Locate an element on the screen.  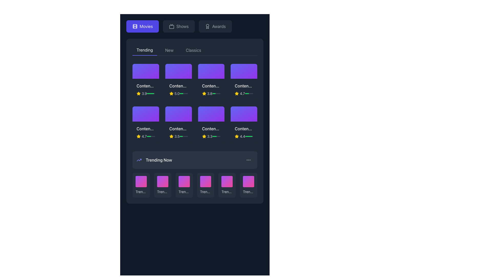
the rating indicator element showing a rating of '5.0' for the associated movie in the second card from the left in the 'Trending' section is located at coordinates (174, 94).